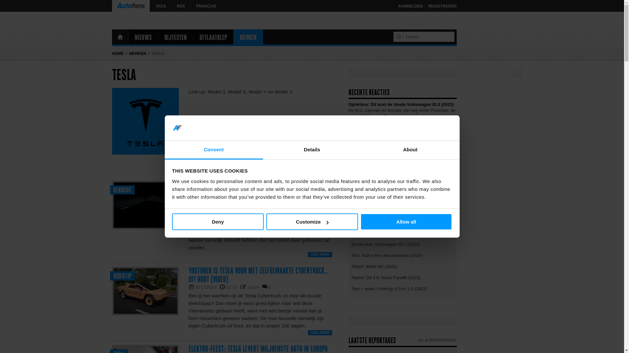 The image size is (629, 353). I want to click on 'HOME', so click(118, 53).